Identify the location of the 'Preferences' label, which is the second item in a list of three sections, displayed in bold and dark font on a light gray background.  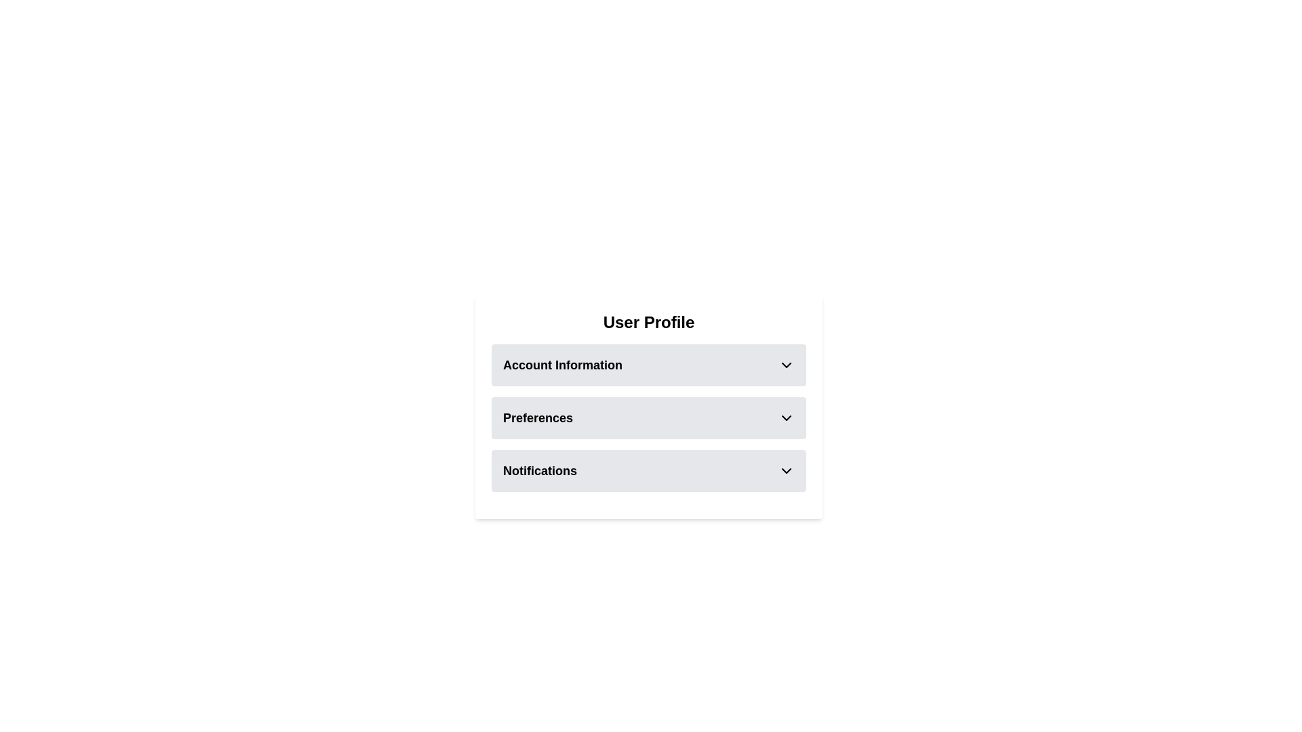
(537, 418).